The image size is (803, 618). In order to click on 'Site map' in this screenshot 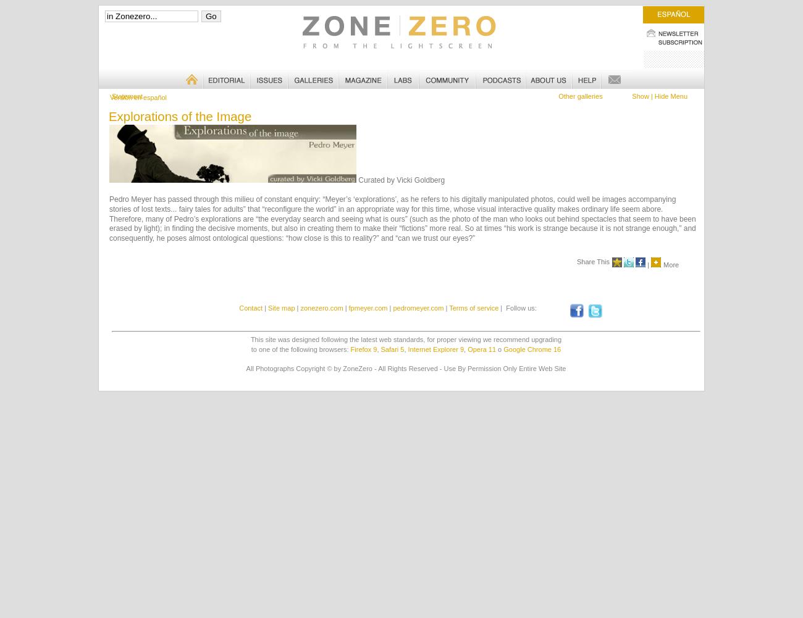, I will do `click(281, 307)`.